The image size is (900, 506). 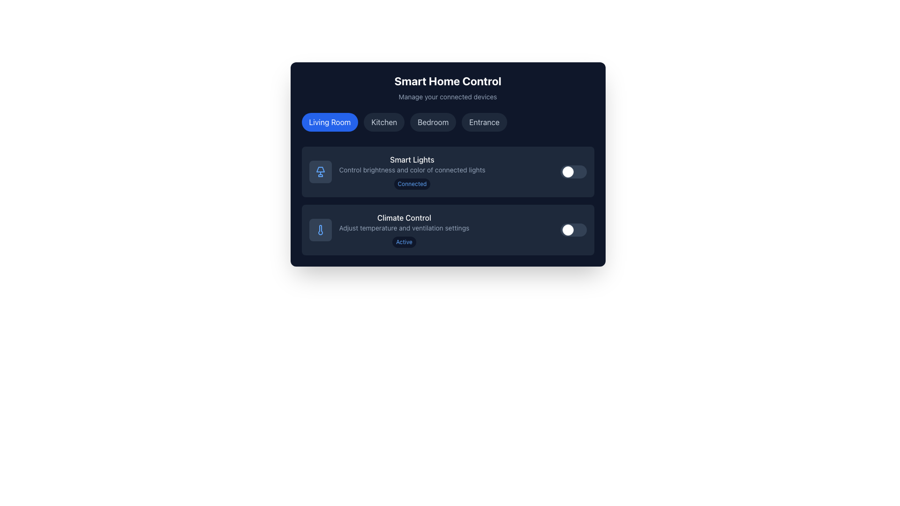 What do you see at coordinates (433, 122) in the screenshot?
I see `the 'Bedroom' button in the Smart Home Control interface` at bounding box center [433, 122].